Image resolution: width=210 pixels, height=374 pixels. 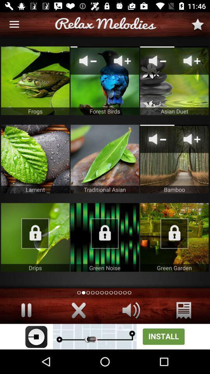 I want to click on install, so click(x=105, y=336).